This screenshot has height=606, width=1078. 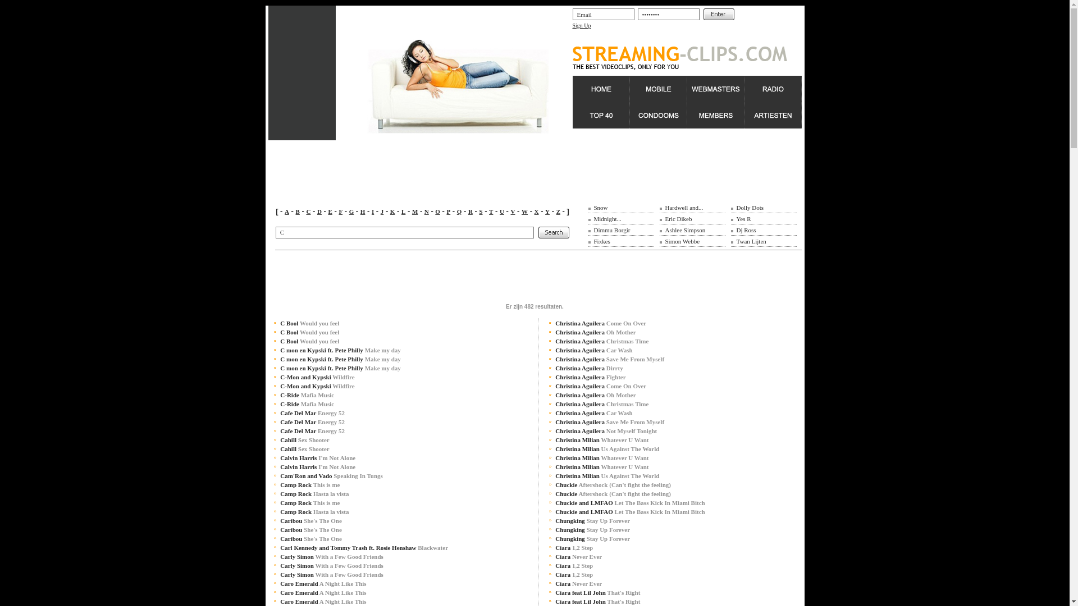 I want to click on 'Carl Kennedy and Tommy Trash ft. Rosie Henshaw Blackwater', so click(x=364, y=547).